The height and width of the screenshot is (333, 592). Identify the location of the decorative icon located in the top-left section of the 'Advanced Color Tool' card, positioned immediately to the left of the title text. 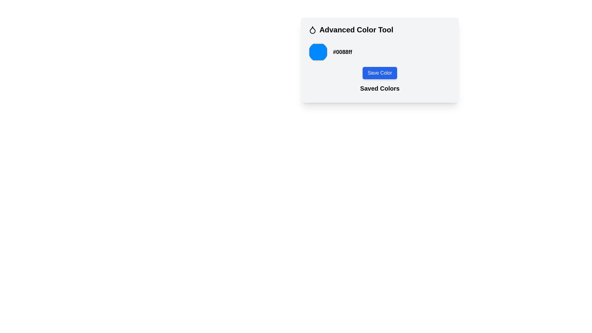
(312, 30).